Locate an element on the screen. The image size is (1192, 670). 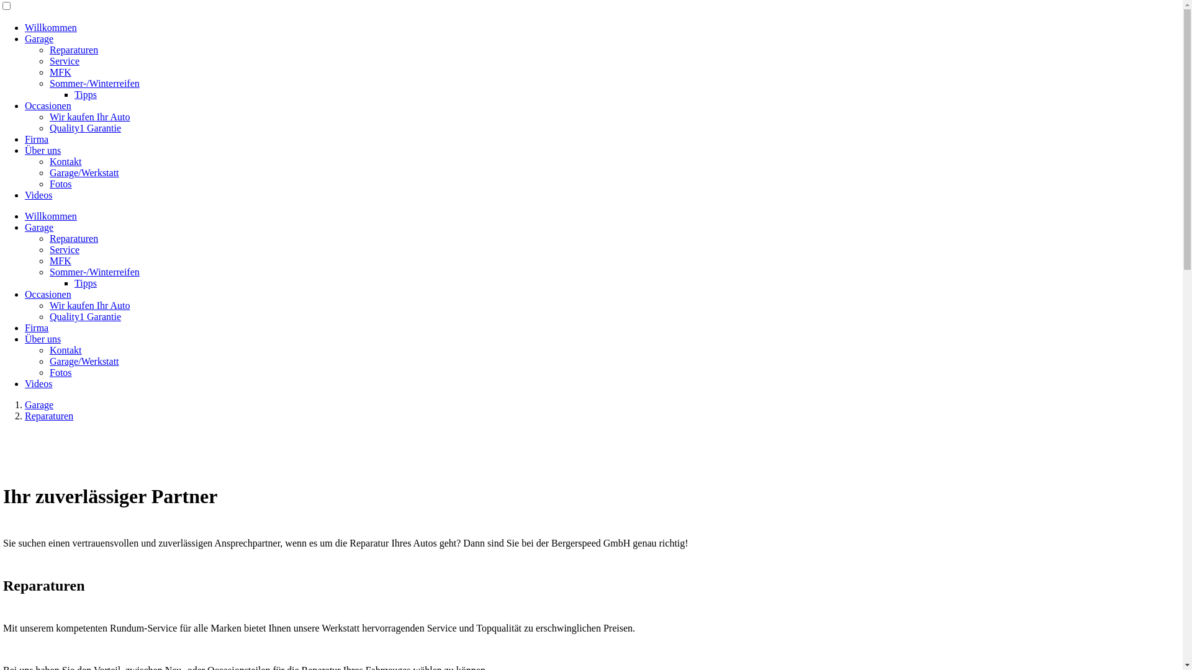
'Videos' is located at coordinates (38, 195).